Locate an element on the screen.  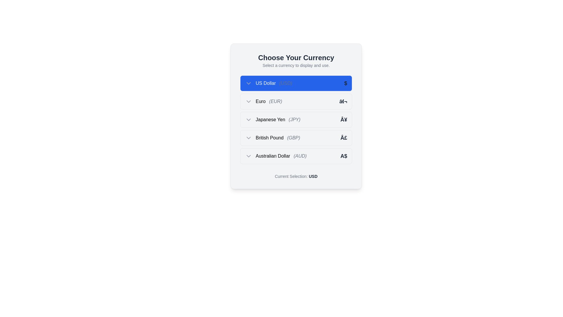
the 'Japanese Yen (JPY)' option in the currency selection dropdown, which is the third item in the list located between 'Euro (EUR)' and 'British Pound (GBP) is located at coordinates (296, 119).